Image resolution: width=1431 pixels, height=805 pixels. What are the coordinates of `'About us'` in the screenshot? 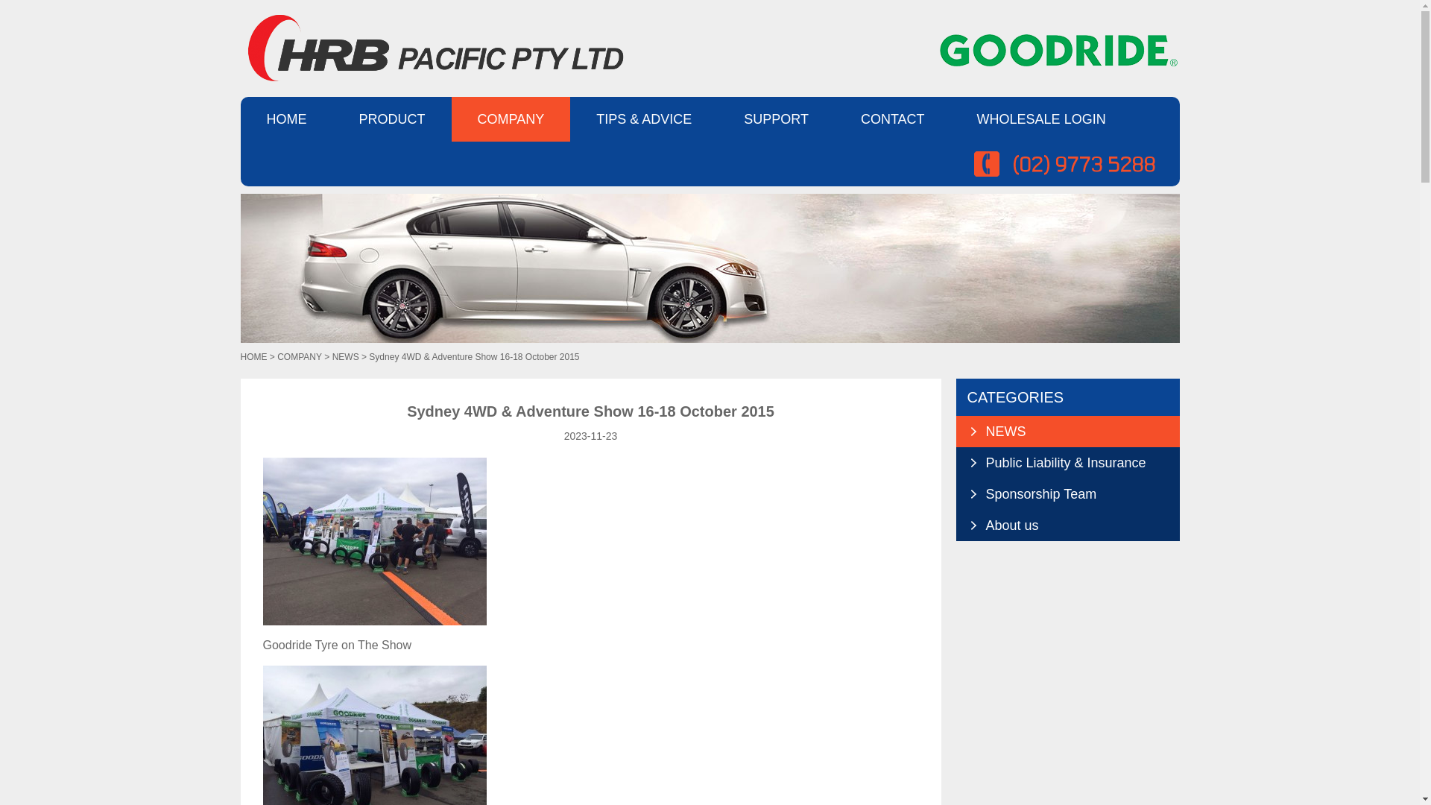 It's located at (977, 525).